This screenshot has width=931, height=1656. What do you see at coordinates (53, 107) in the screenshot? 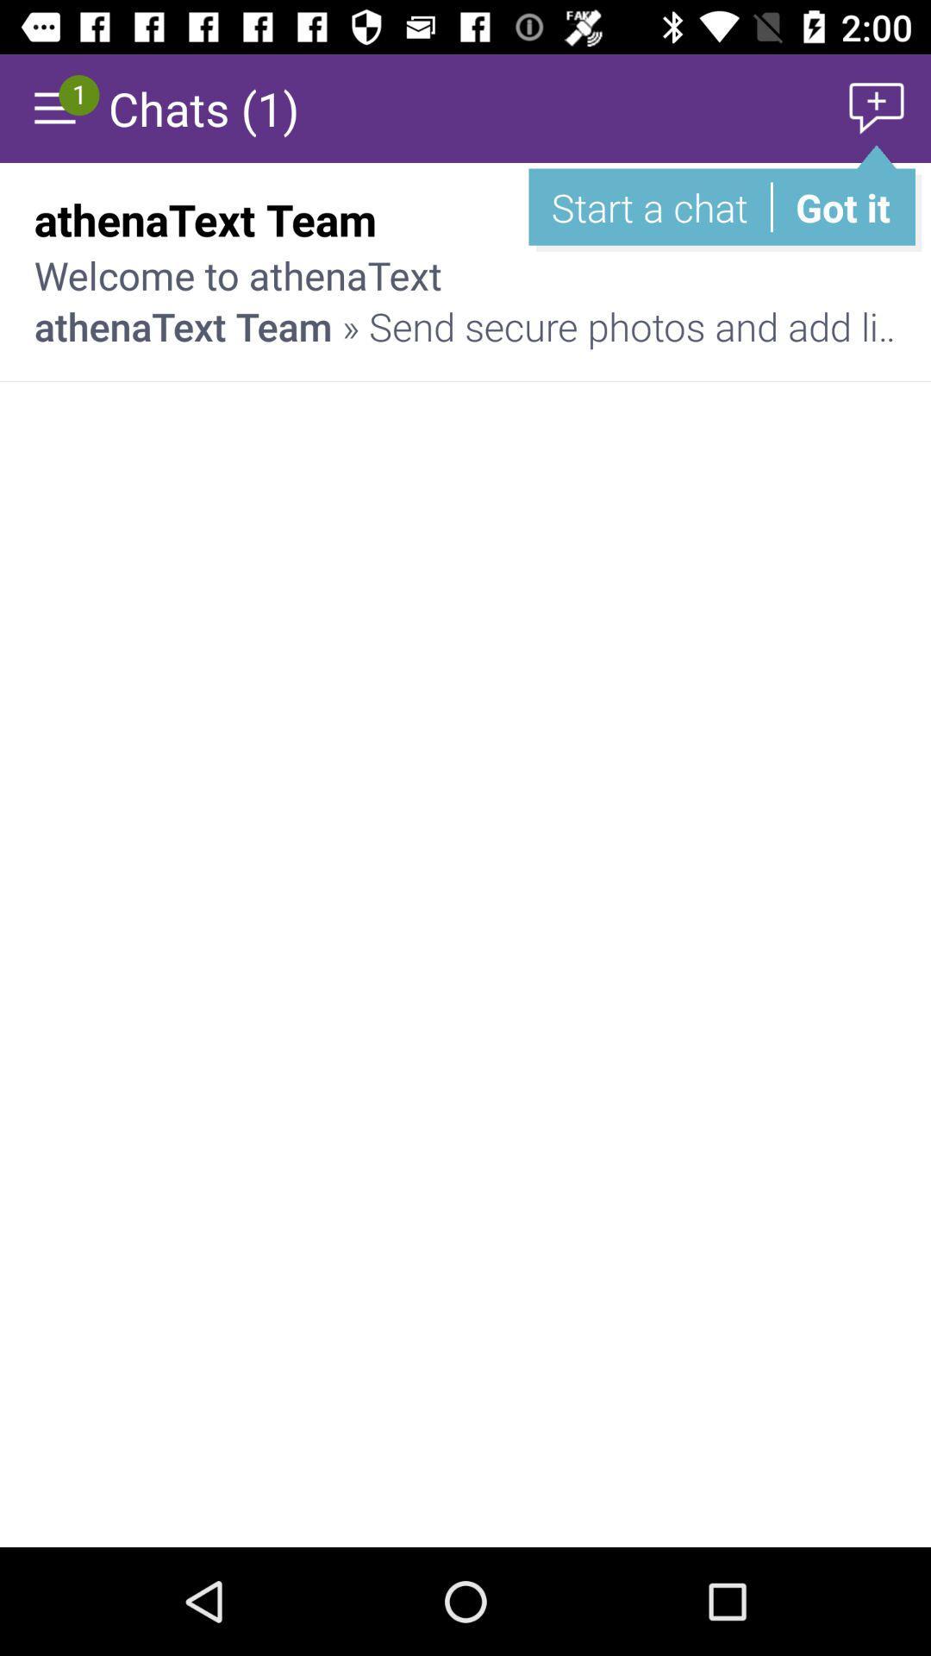
I see `setting page` at bounding box center [53, 107].